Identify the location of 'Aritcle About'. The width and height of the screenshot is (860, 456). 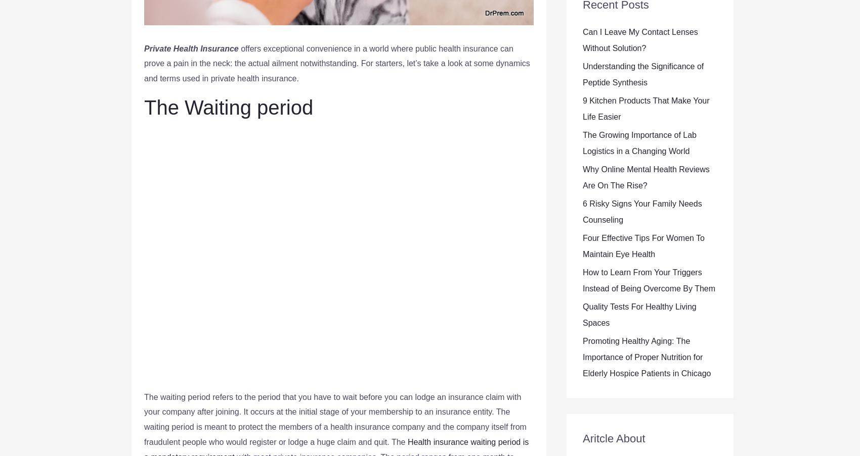
(582, 438).